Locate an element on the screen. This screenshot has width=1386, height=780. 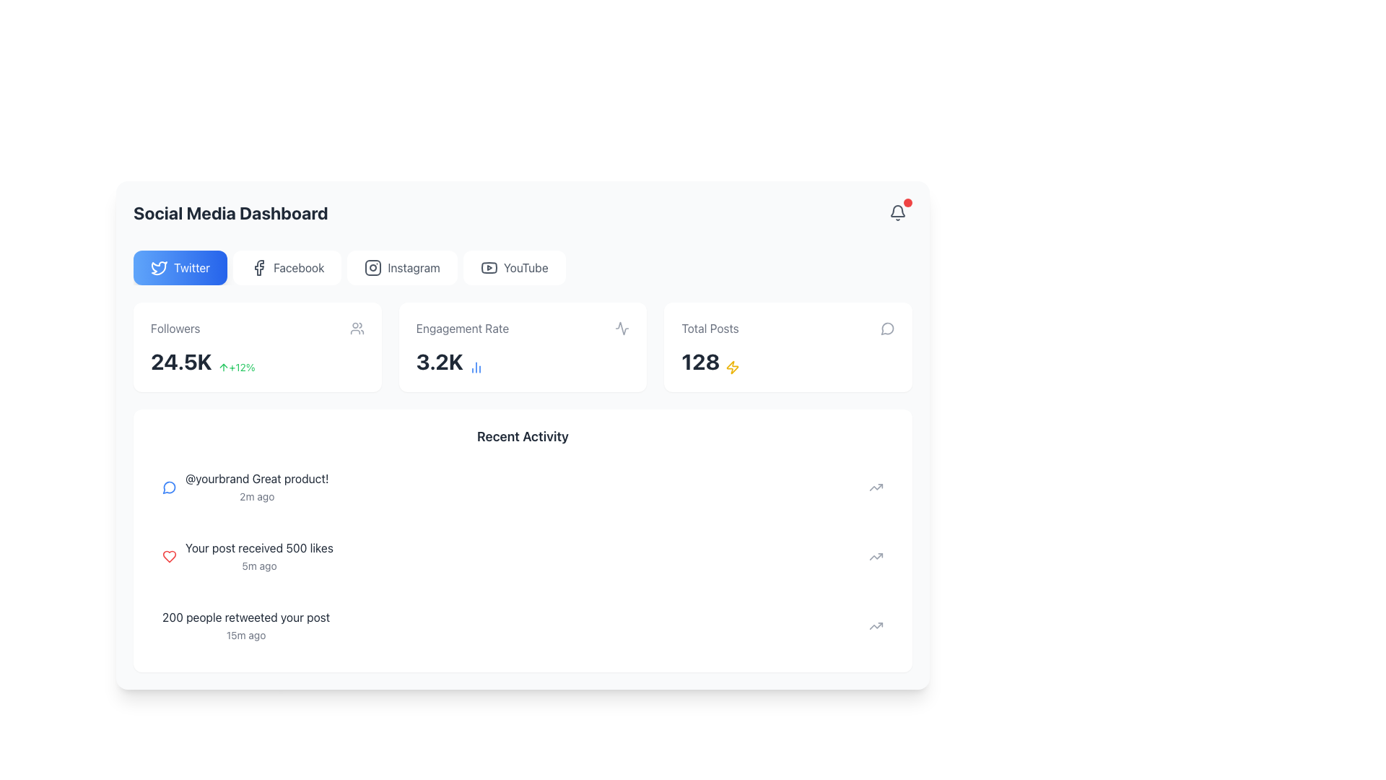
the 'like' or 'favorite' icon located above the 'Recent Activity' section, to the right of the main dashboard area and adjacent to the notification icon is located at coordinates (170, 556).